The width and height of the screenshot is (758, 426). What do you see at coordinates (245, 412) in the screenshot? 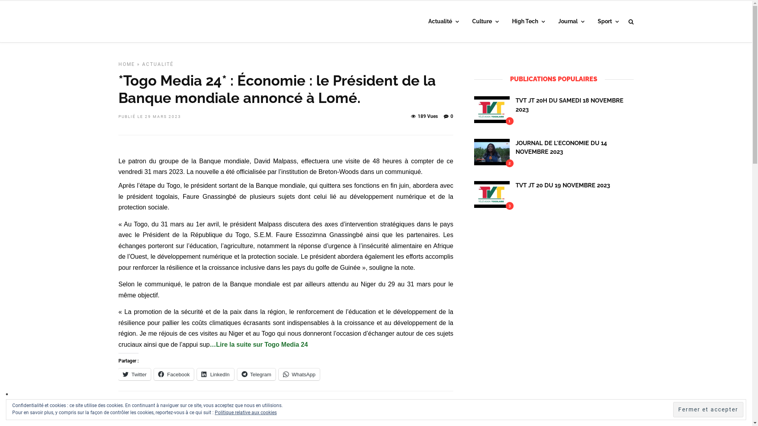
I see `'Politique relative aux cookies'` at bounding box center [245, 412].